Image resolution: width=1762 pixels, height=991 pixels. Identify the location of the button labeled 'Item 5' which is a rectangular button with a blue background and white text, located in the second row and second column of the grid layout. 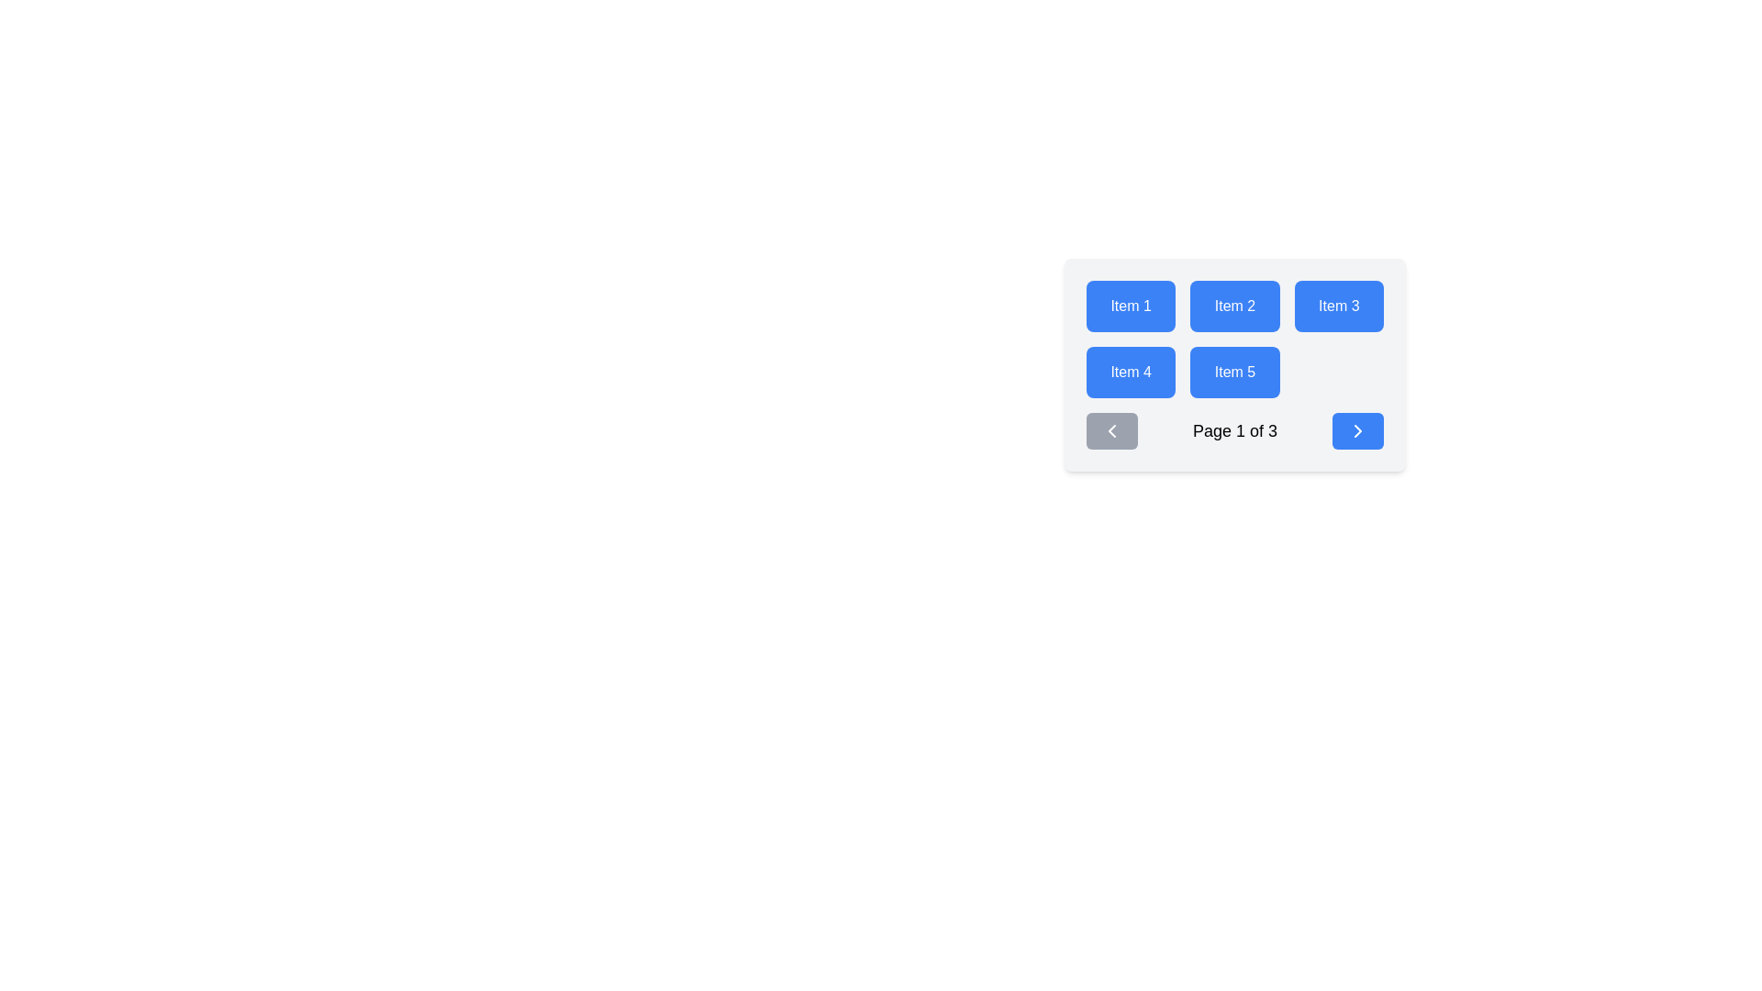
(1234, 372).